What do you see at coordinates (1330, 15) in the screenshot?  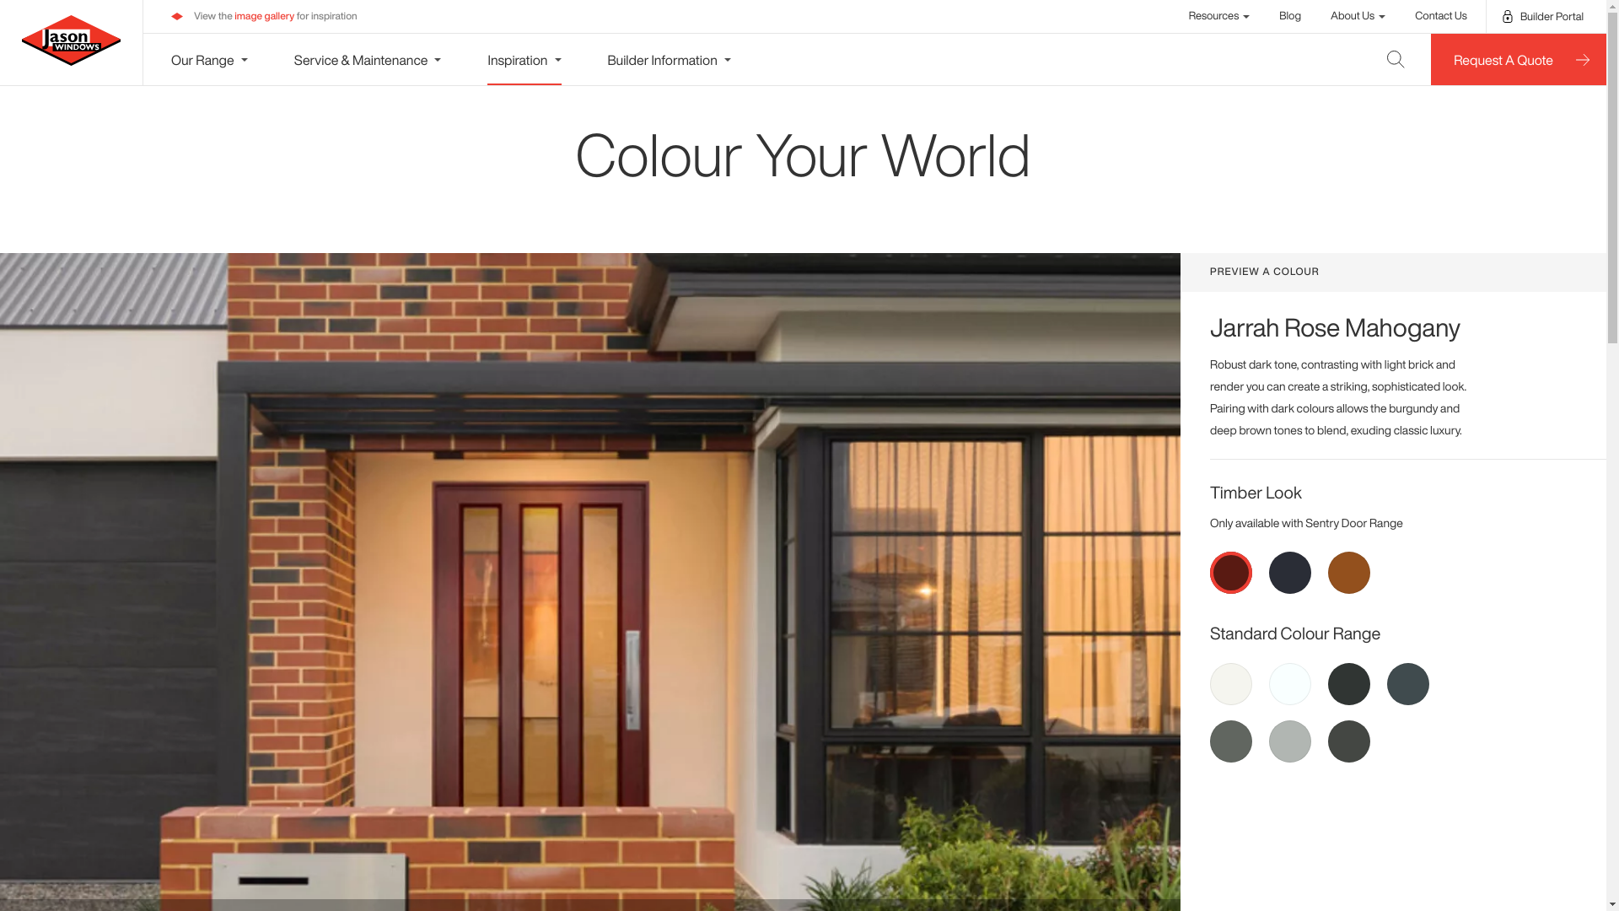 I see `'About Us'` at bounding box center [1330, 15].